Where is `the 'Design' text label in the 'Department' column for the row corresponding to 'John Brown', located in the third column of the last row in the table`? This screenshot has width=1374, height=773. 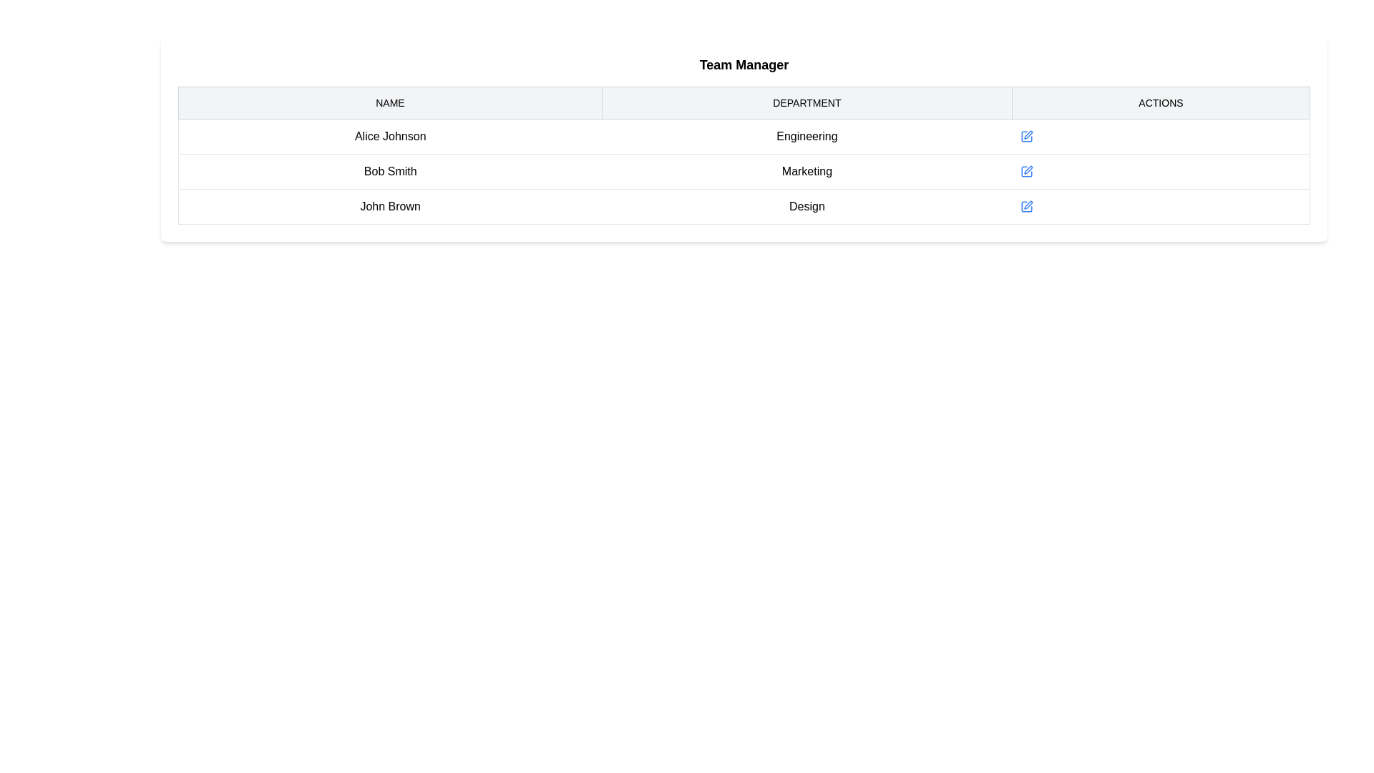
the 'Design' text label in the 'Department' column for the row corresponding to 'John Brown', located in the third column of the last row in the table is located at coordinates (807, 207).